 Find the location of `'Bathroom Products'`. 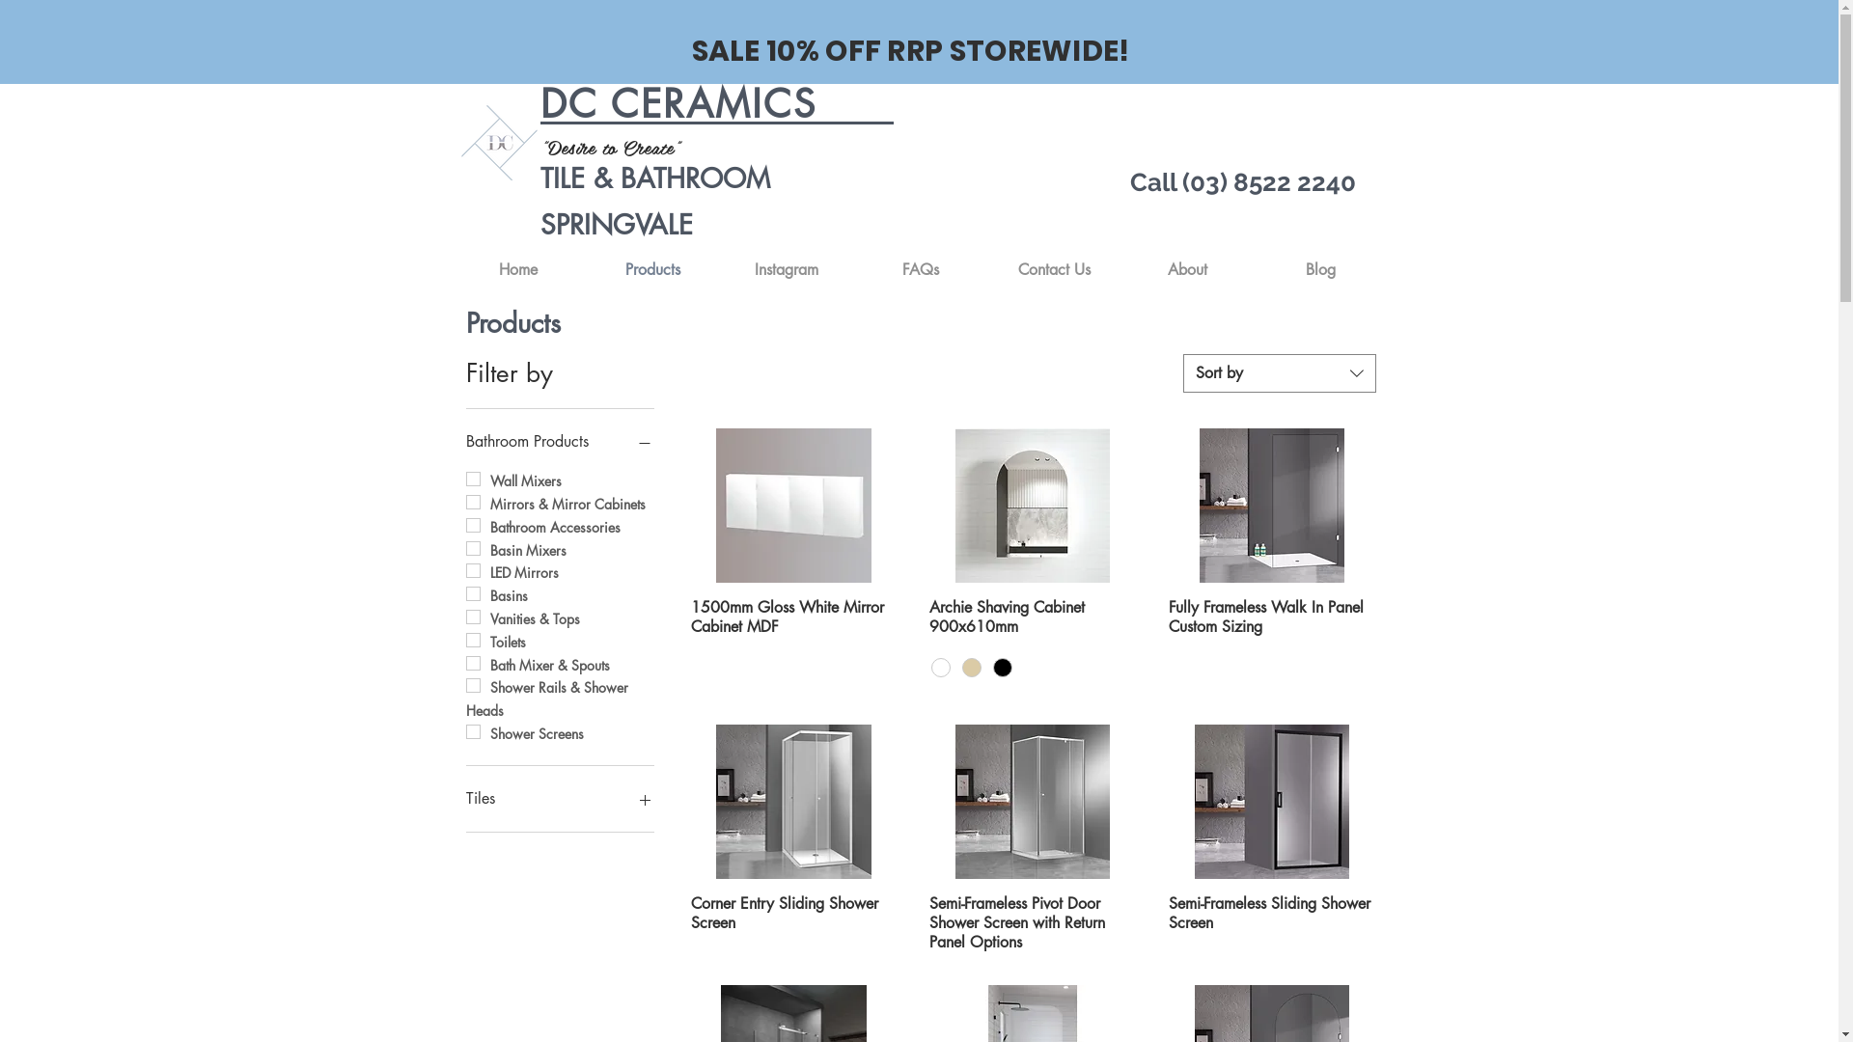

'Bathroom Products' is located at coordinates (558, 442).